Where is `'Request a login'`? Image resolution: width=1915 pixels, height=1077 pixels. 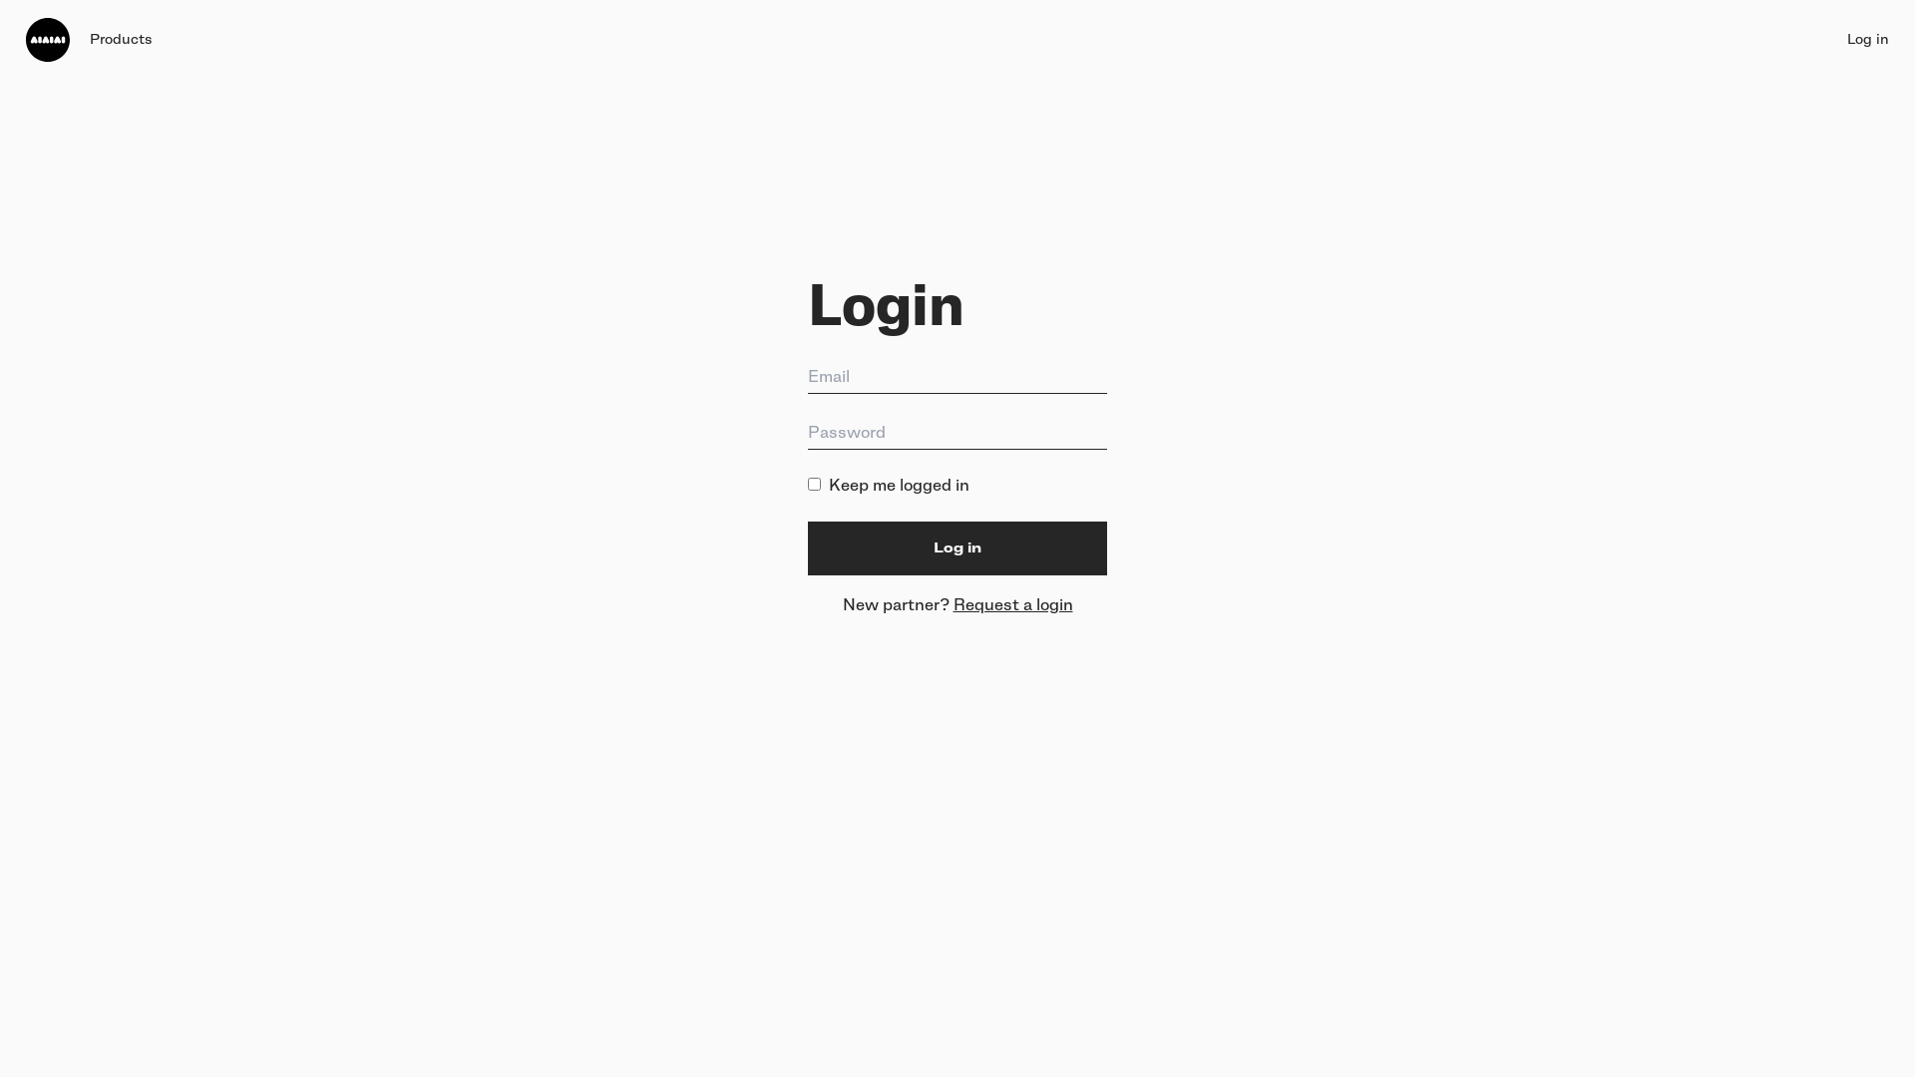 'Request a login' is located at coordinates (952, 603).